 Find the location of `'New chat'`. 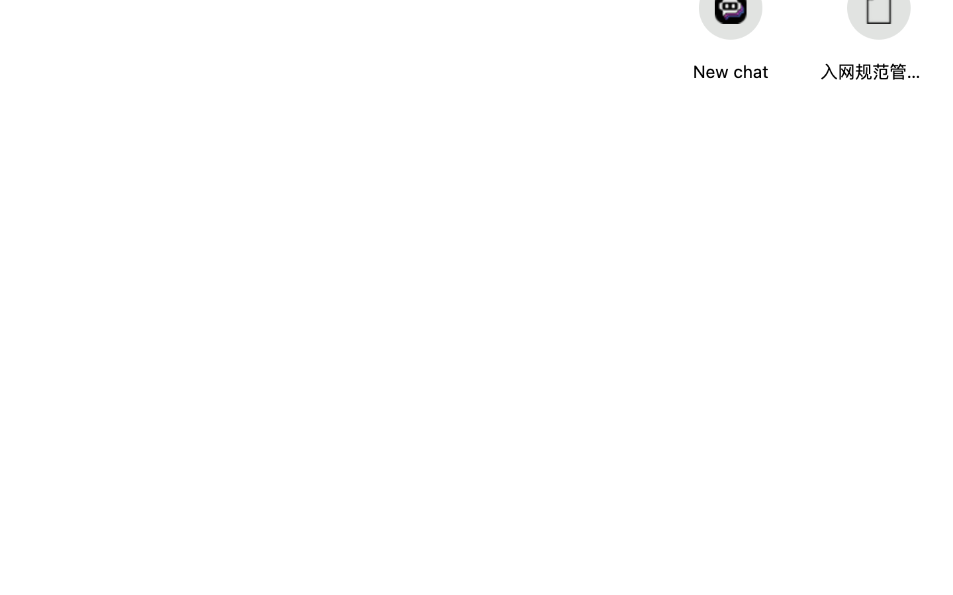

'New chat' is located at coordinates (730, 71).